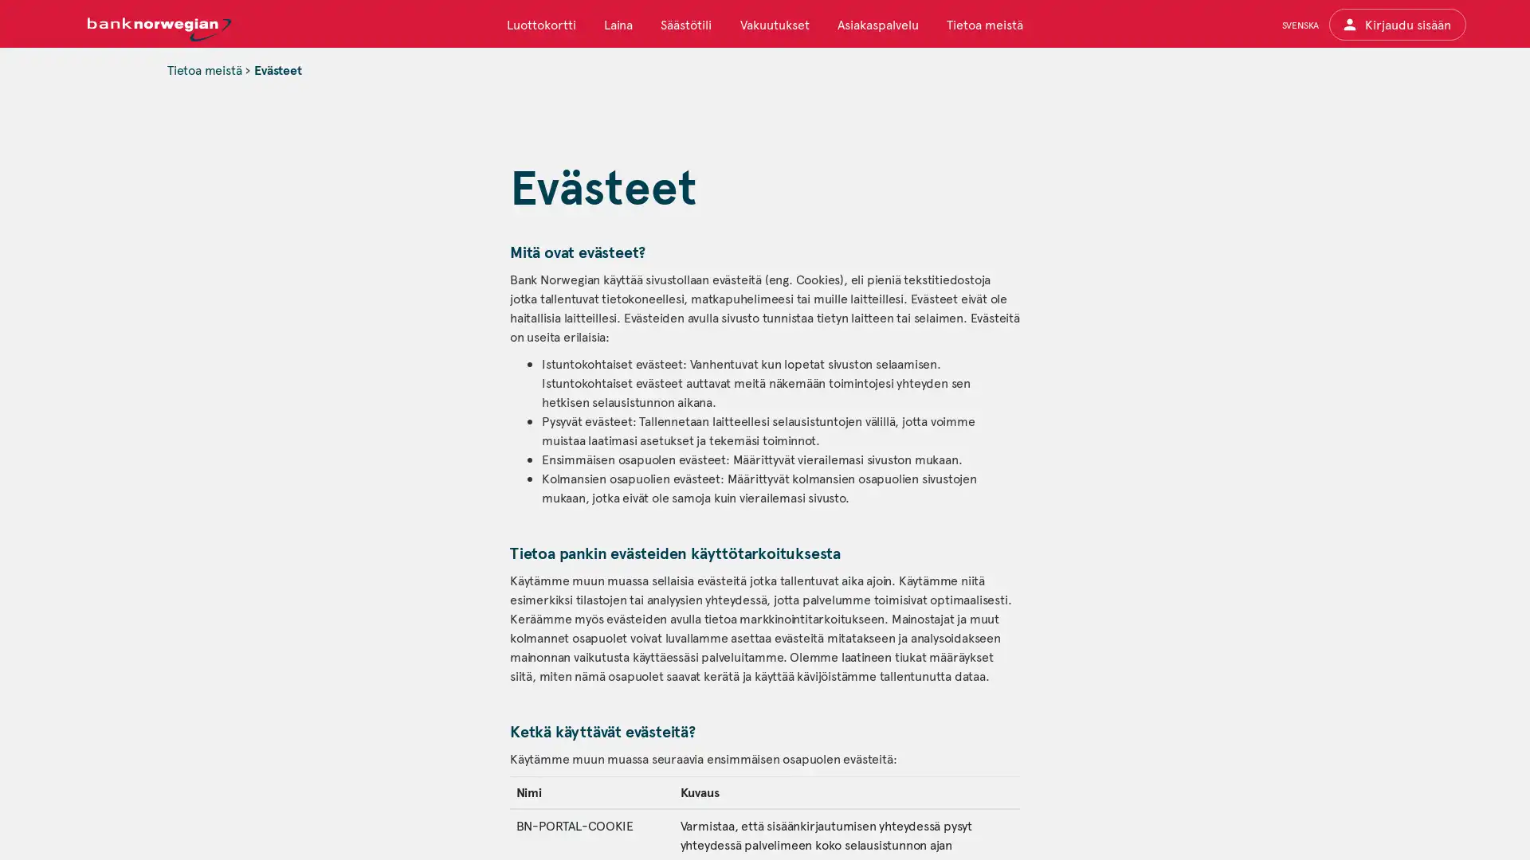 This screenshot has height=860, width=1530. What do you see at coordinates (983, 24) in the screenshot?
I see `Tietoa meista` at bounding box center [983, 24].